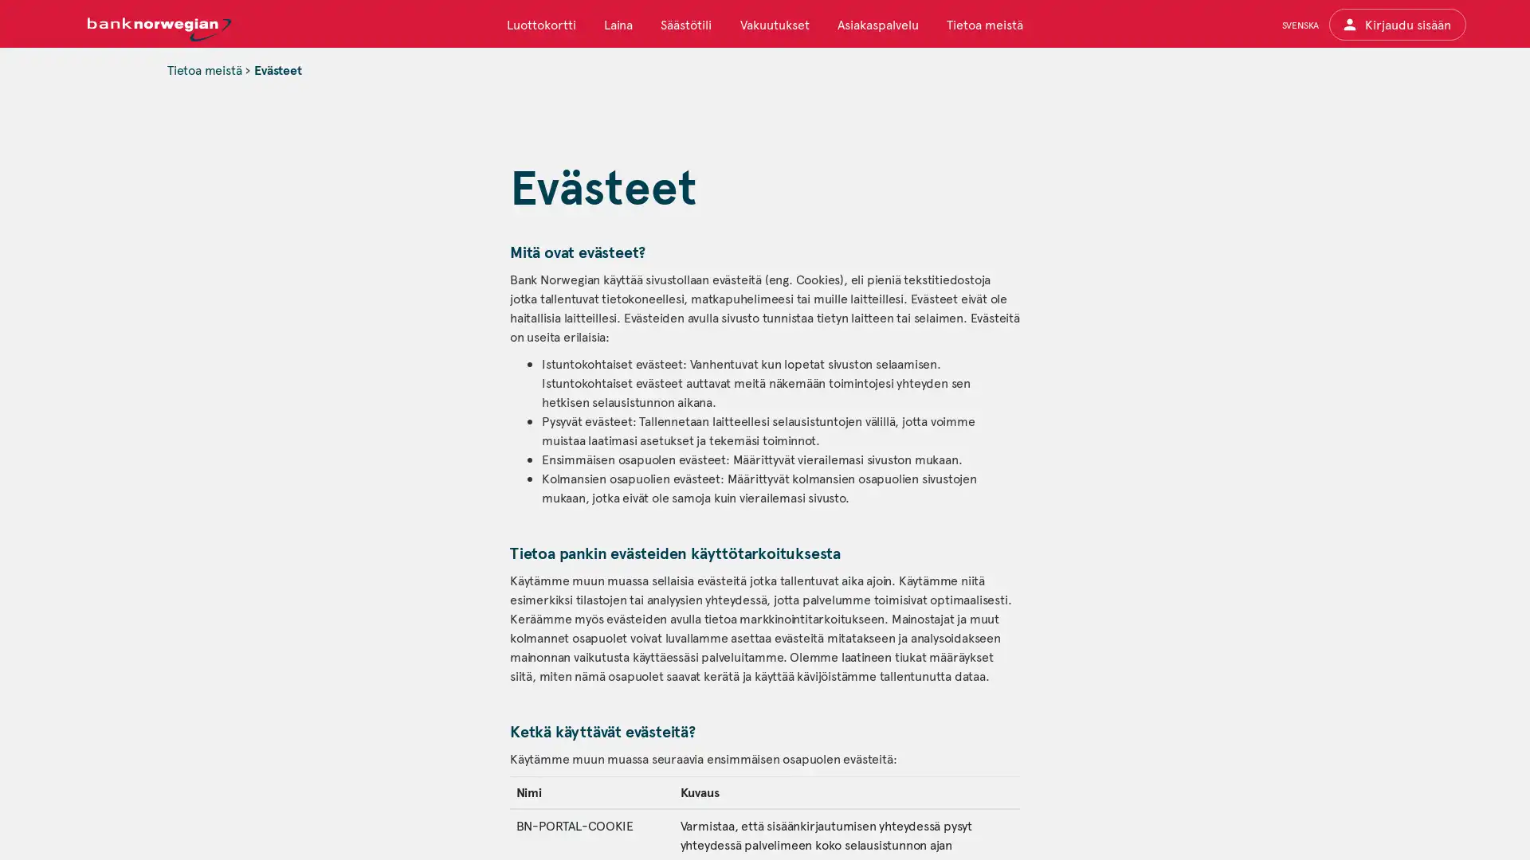 This screenshot has height=860, width=1530. What do you see at coordinates (983, 24) in the screenshot?
I see `Tietoa meista` at bounding box center [983, 24].